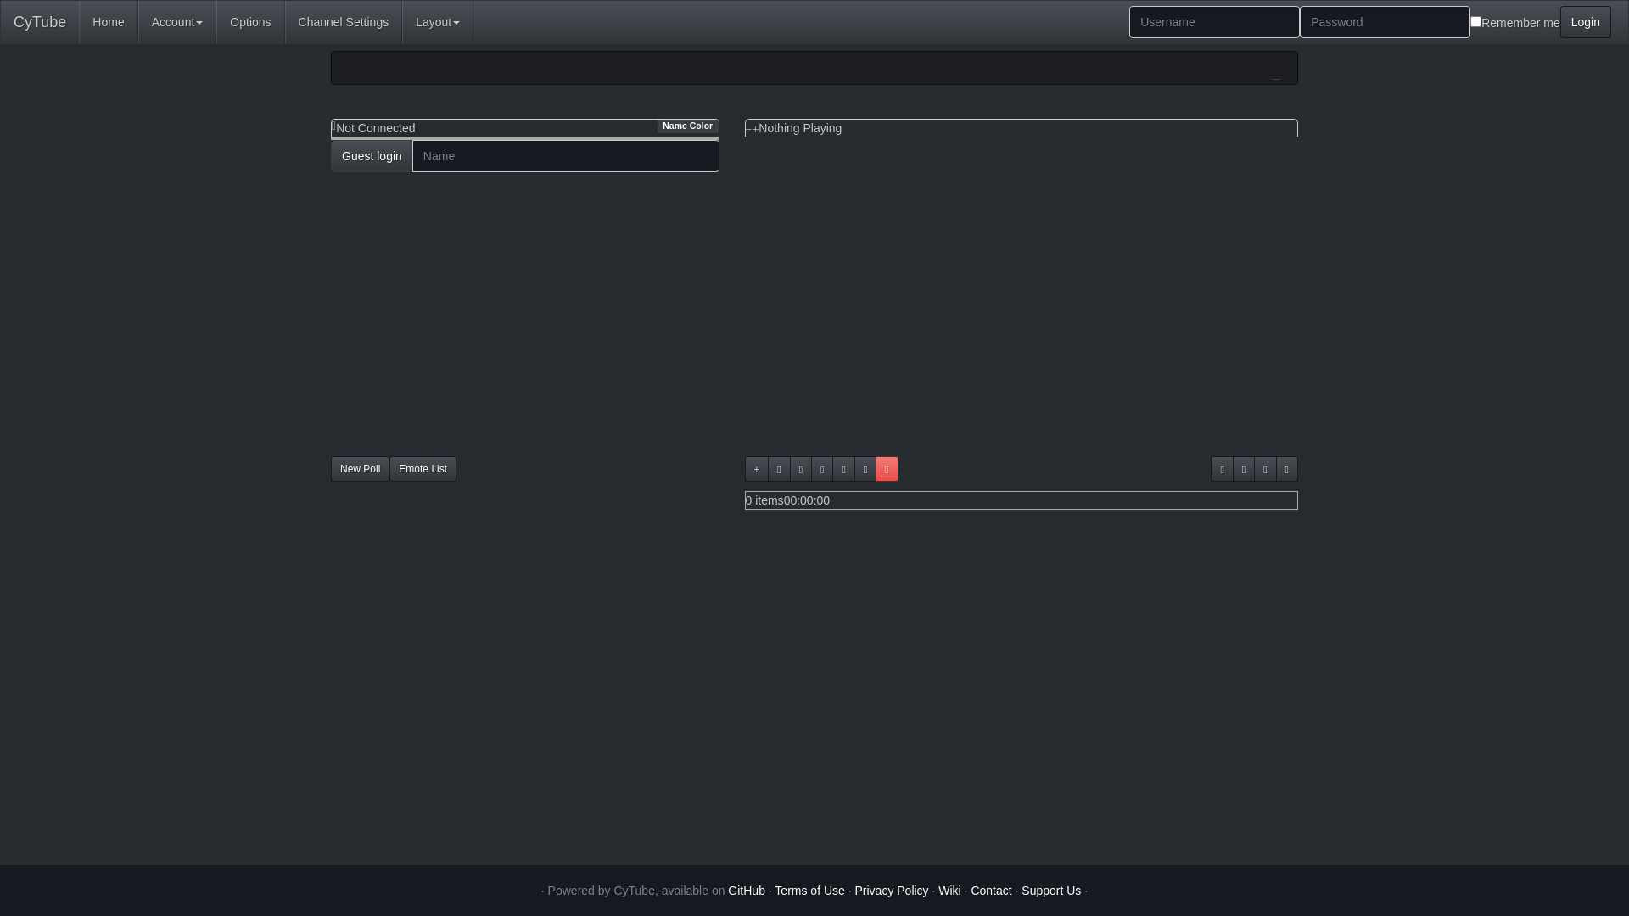 This screenshot has height=916, width=1629. What do you see at coordinates (842, 468) in the screenshot?
I see `'Clear the playlist'` at bounding box center [842, 468].